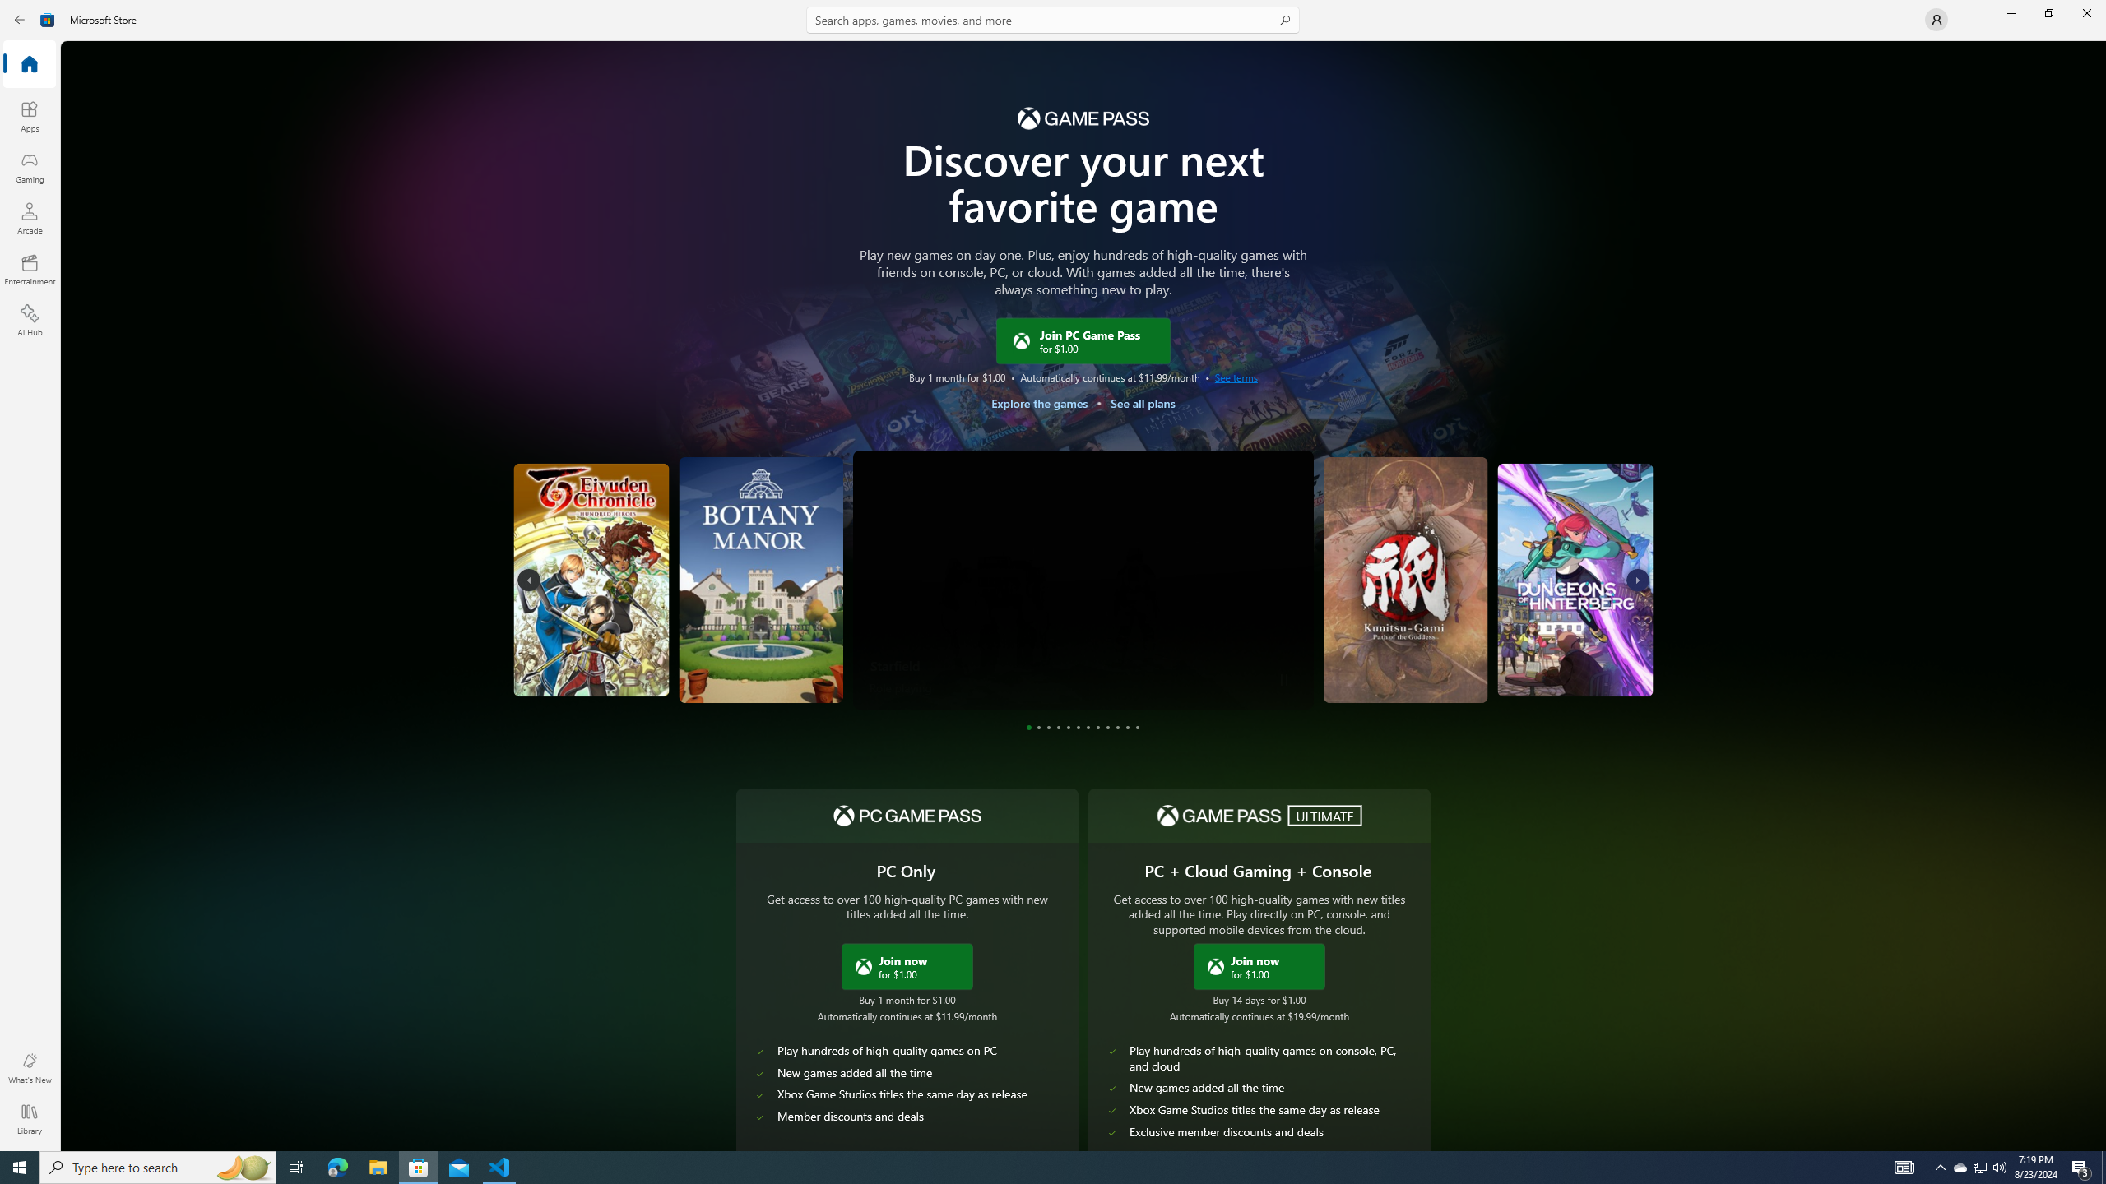  I want to click on 'Page 11', so click(1126, 727).